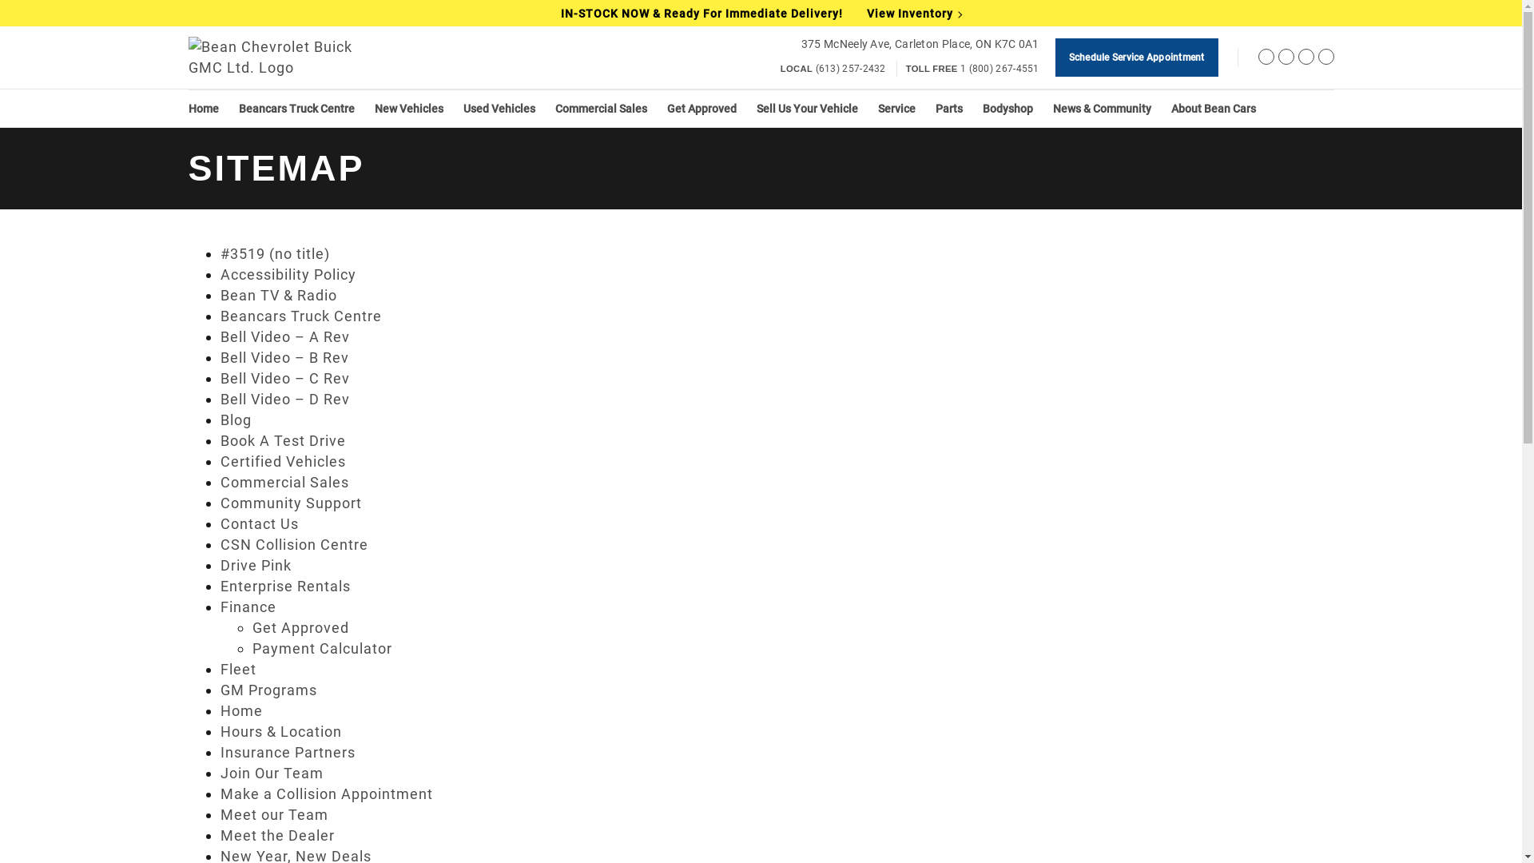 The width and height of the screenshot is (1534, 863). Describe the element at coordinates (1007, 108) in the screenshot. I see `'Bodyshop'` at that location.